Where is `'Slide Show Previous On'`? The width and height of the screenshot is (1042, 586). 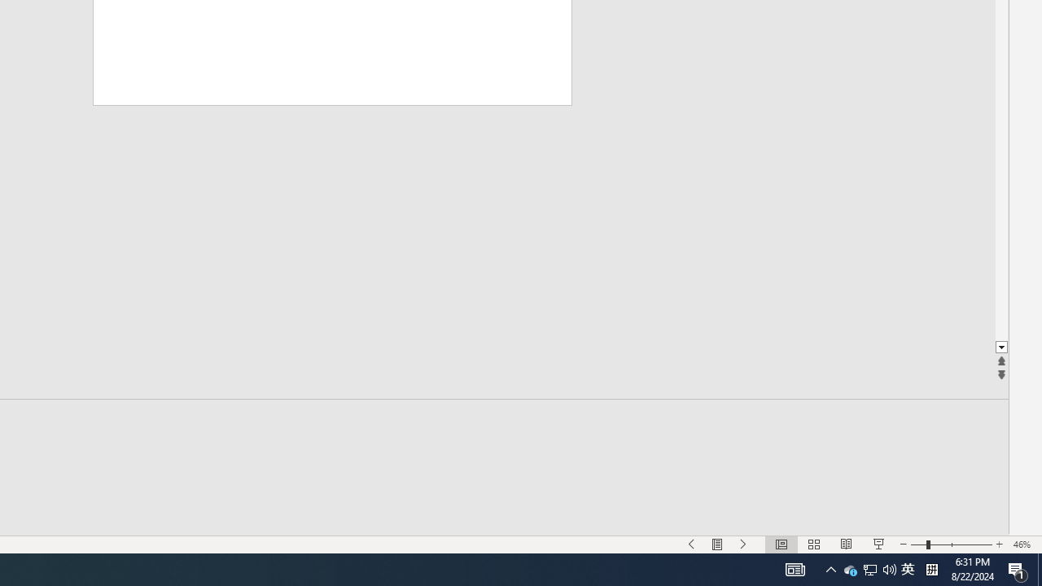
'Slide Show Previous On' is located at coordinates (692, 544).